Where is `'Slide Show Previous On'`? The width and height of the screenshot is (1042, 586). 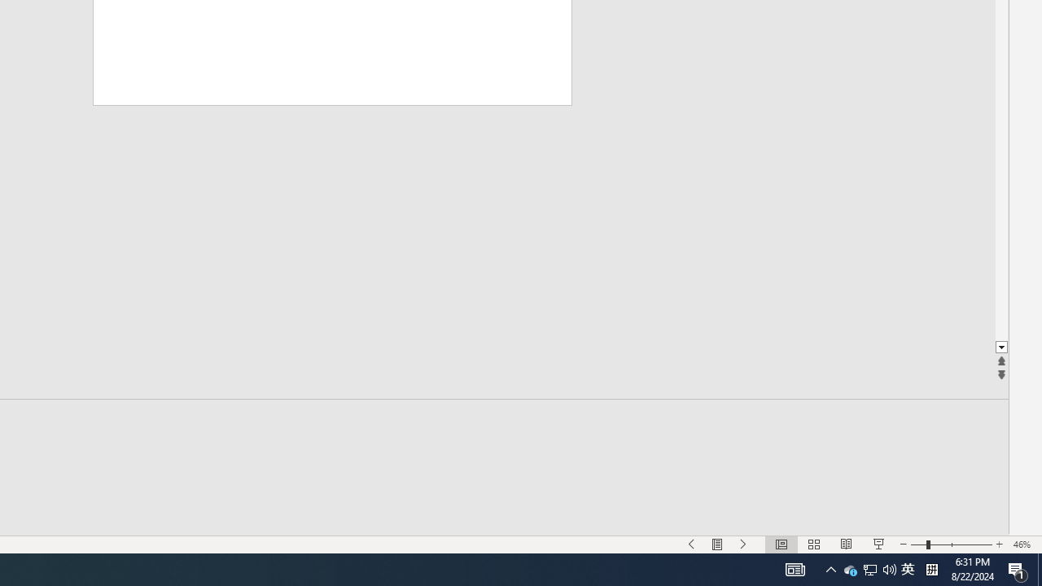
'Slide Show Previous On' is located at coordinates (692, 544).